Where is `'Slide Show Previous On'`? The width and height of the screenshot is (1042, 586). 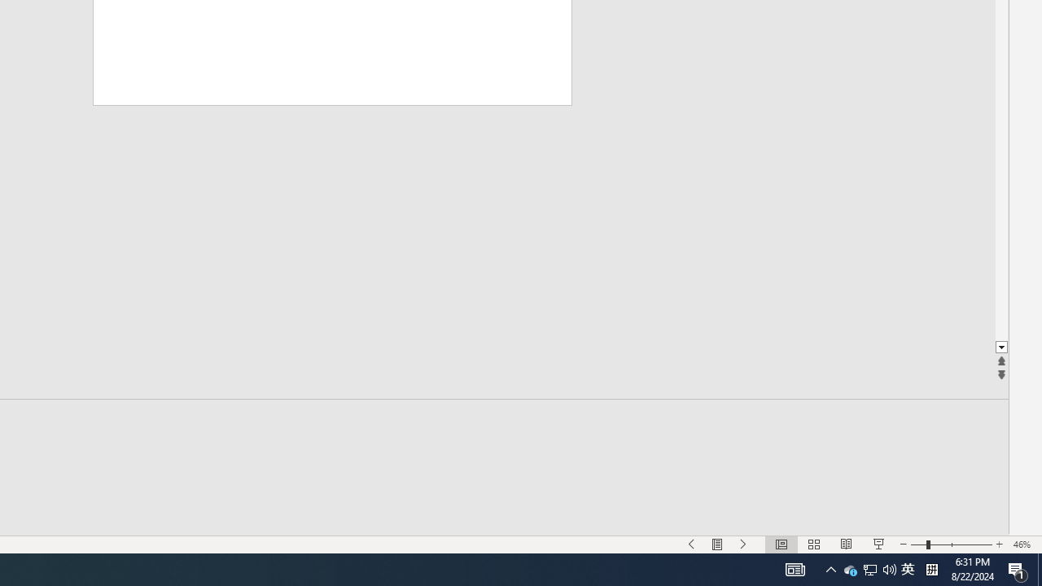
'Slide Show Previous On' is located at coordinates (692, 544).